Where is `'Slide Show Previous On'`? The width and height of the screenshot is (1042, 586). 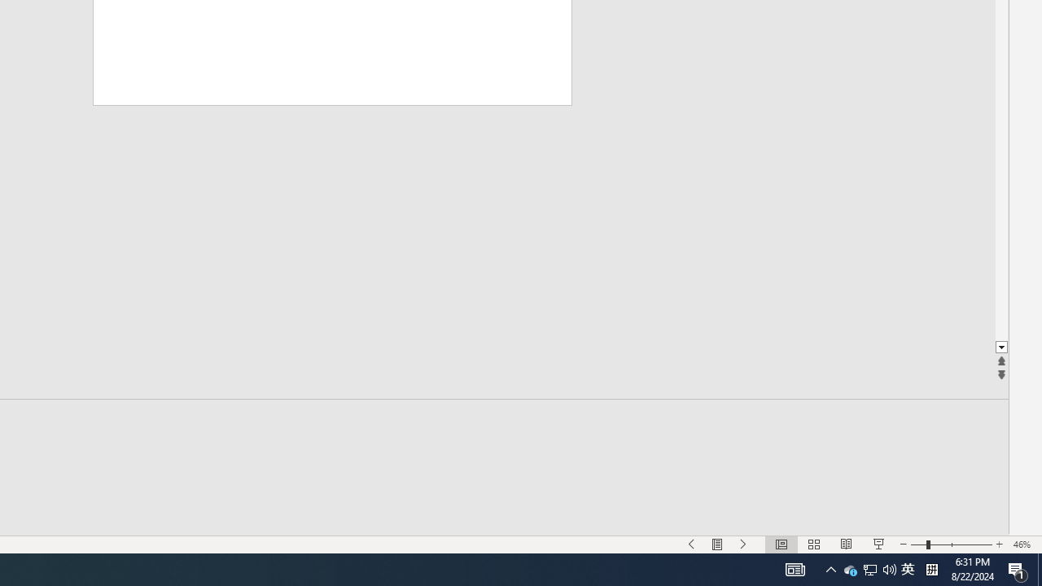
'Slide Show Previous On' is located at coordinates (692, 544).